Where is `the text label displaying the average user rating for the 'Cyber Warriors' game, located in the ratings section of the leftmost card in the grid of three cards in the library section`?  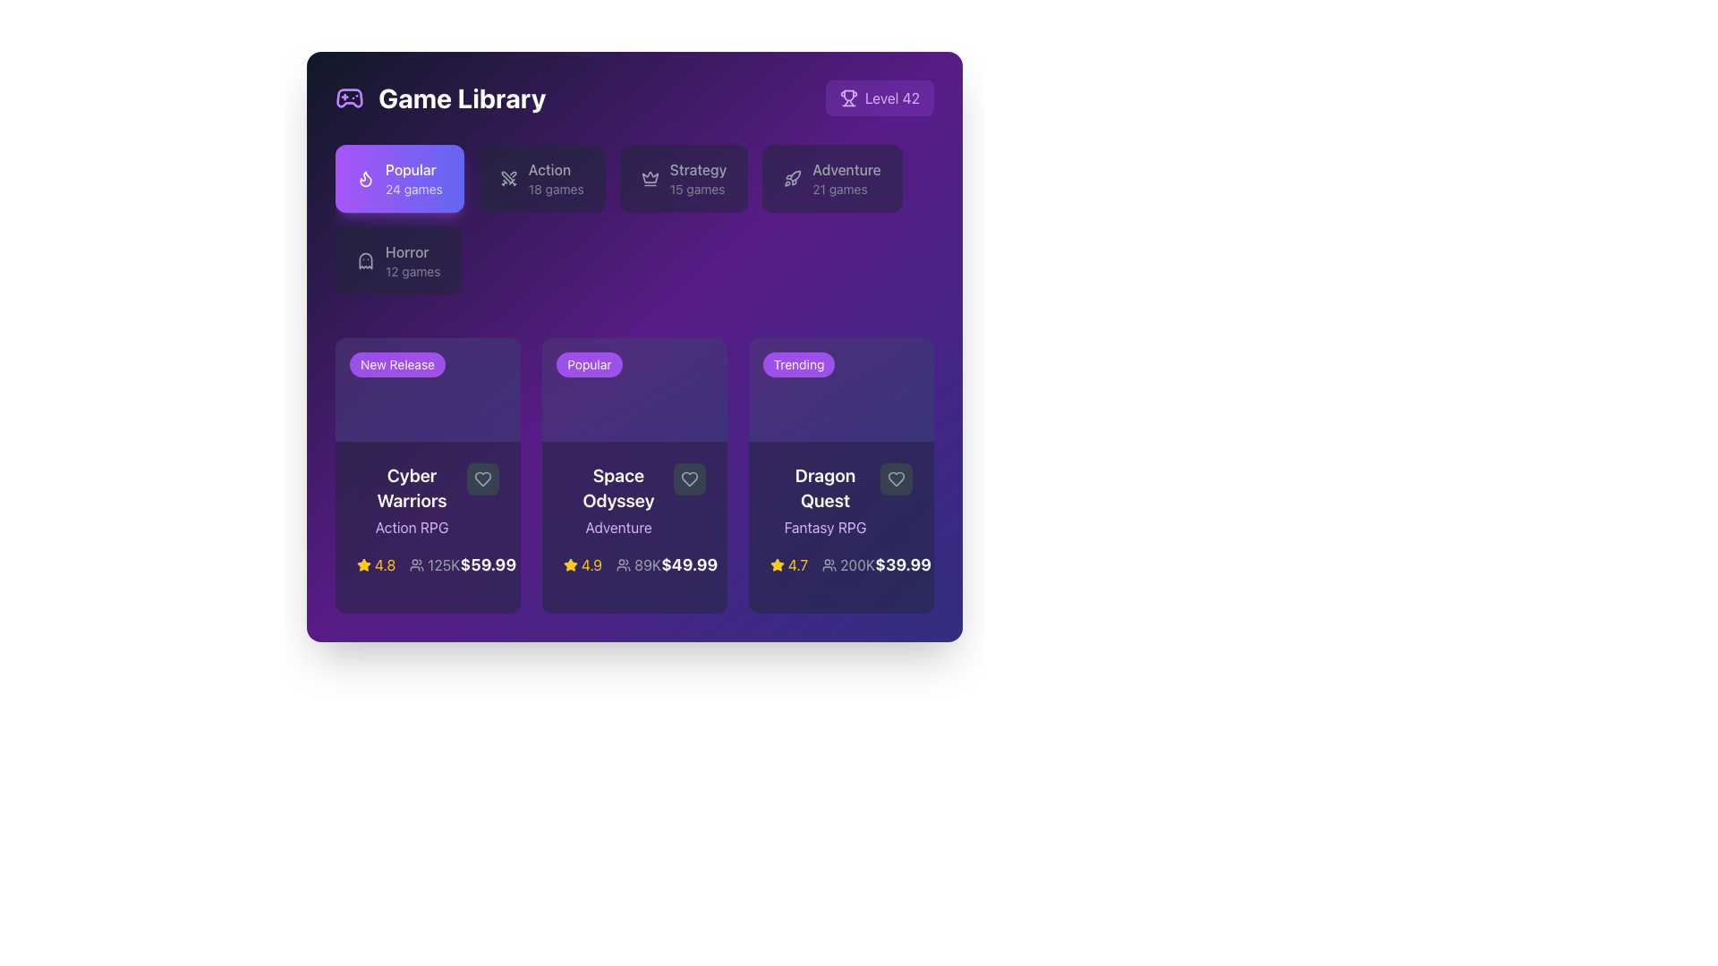 the text label displaying the average user rating for the 'Cyber Warriors' game, located in the ratings section of the leftmost card in the grid of three cards in the library section is located at coordinates (384, 565).